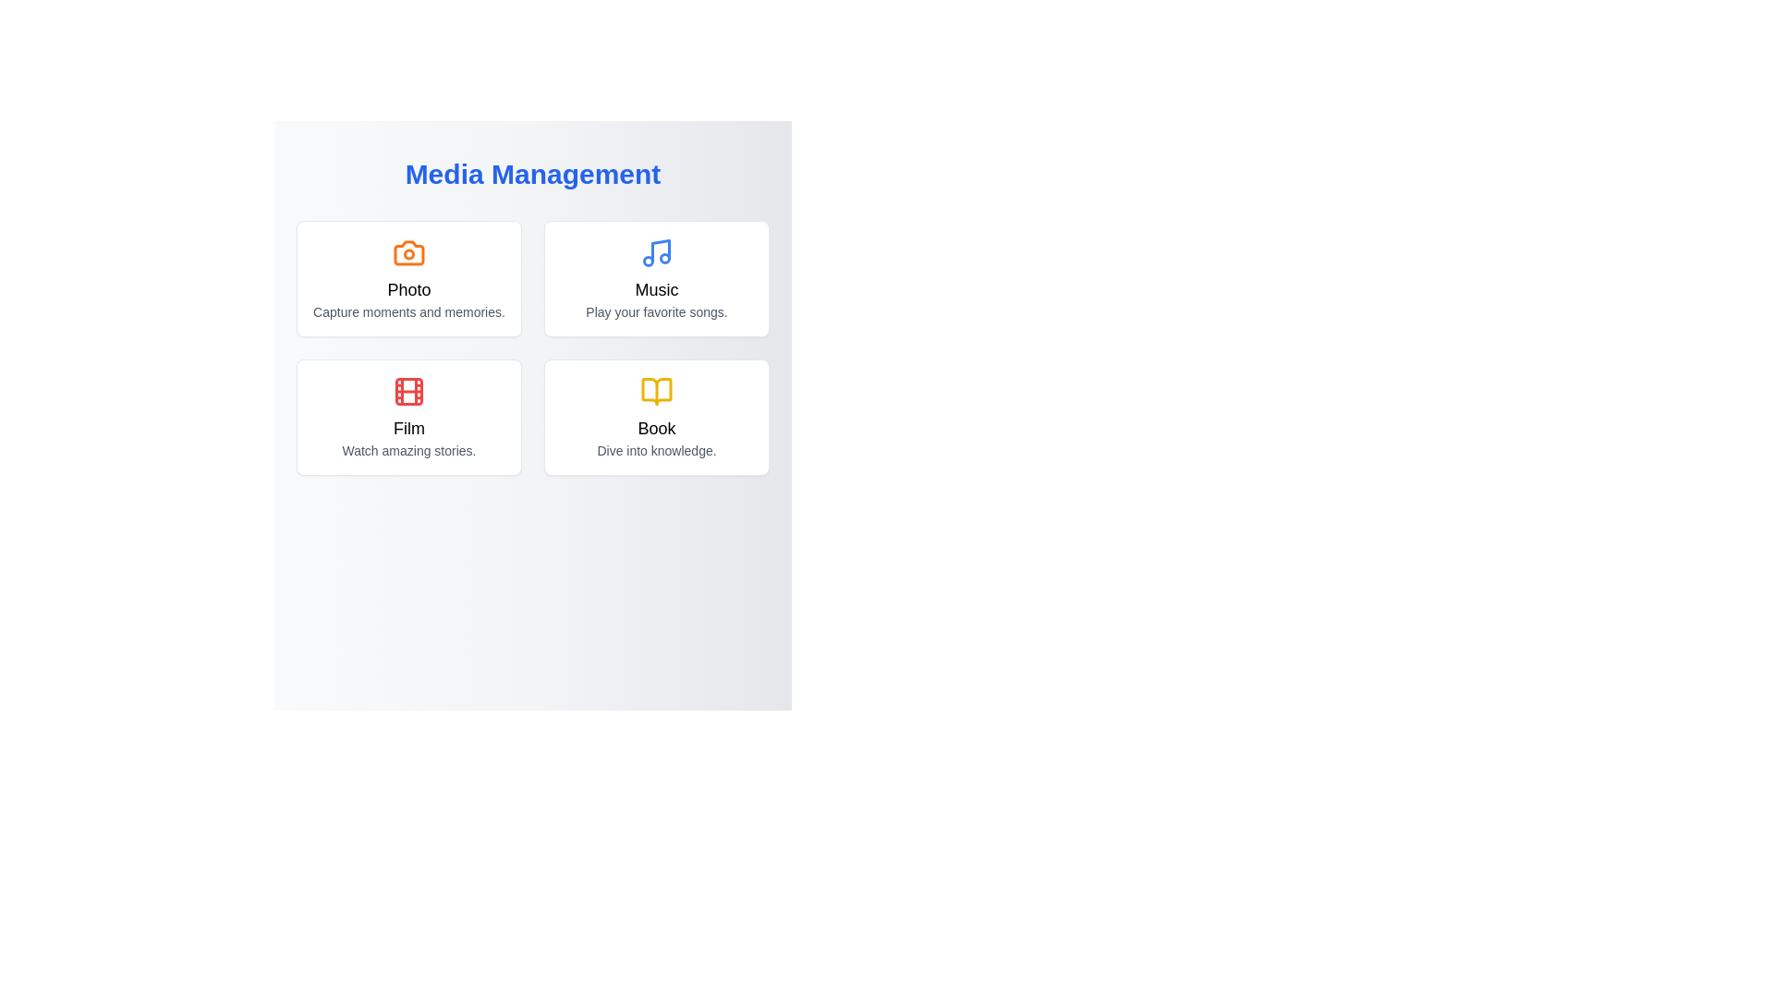 This screenshot has width=1774, height=998. I want to click on the graphic icon component that represents the stem of the music note, which is part of the 'Music' button in the top row of the button grid, so click(661, 250).